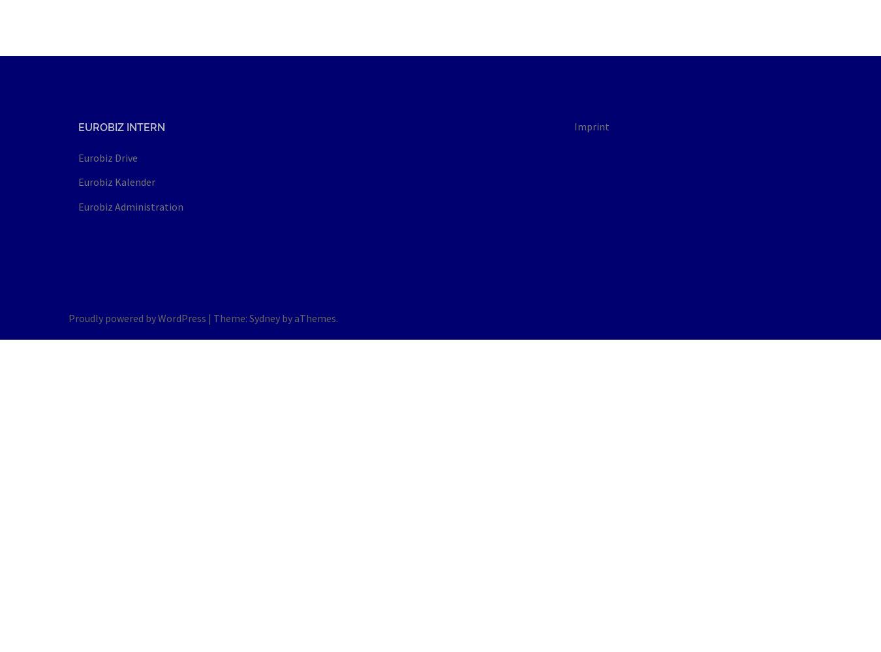  What do you see at coordinates (210, 317) in the screenshot?
I see `'|'` at bounding box center [210, 317].